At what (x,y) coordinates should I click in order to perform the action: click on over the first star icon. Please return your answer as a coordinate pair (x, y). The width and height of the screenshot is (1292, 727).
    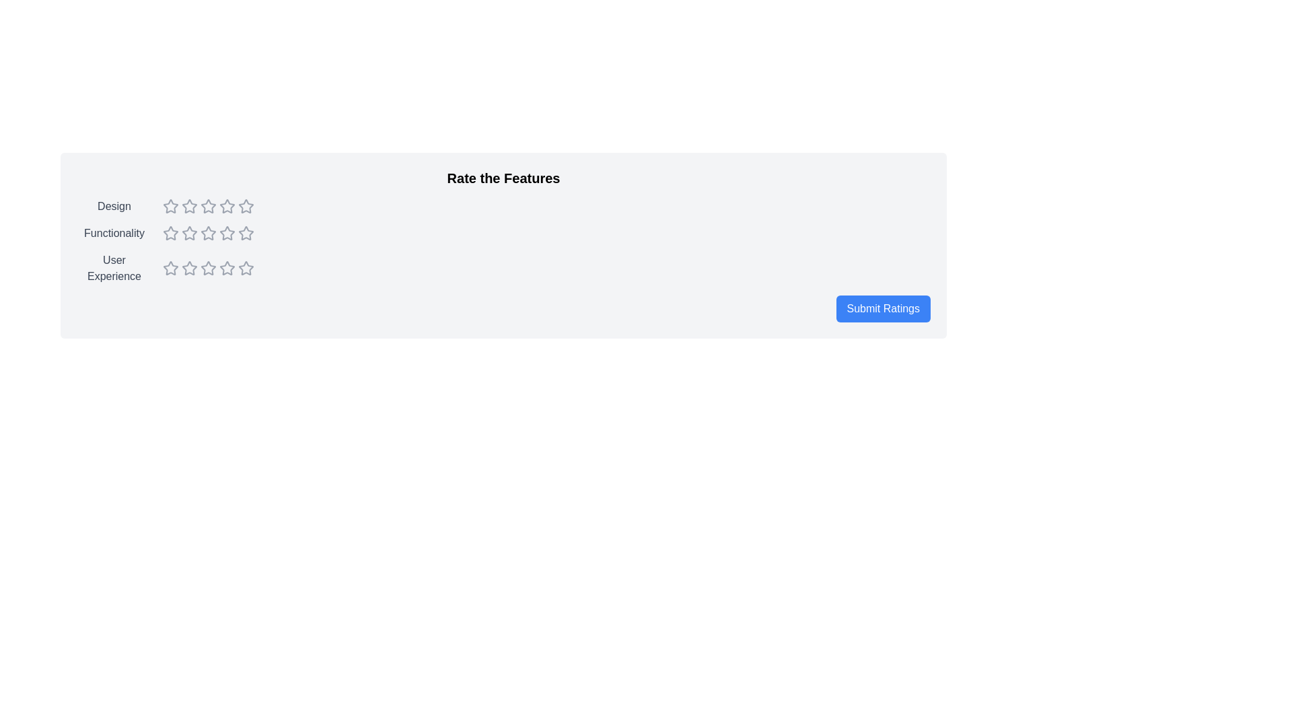
    Looking at the image, I should click on (170, 268).